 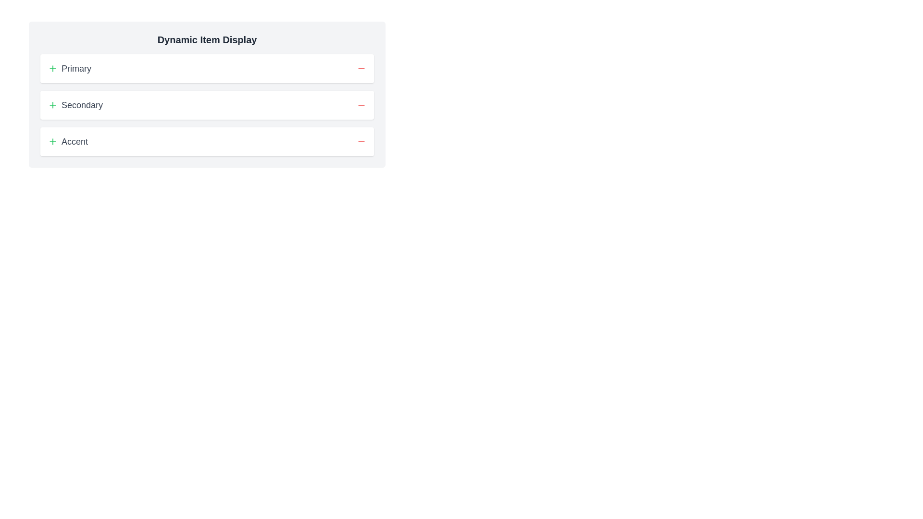 What do you see at coordinates (207, 39) in the screenshot?
I see `the header text label at the top of the interface, which indicates the context for the items below it, including 'Primary', 'Secondary', and 'Accent'` at bounding box center [207, 39].